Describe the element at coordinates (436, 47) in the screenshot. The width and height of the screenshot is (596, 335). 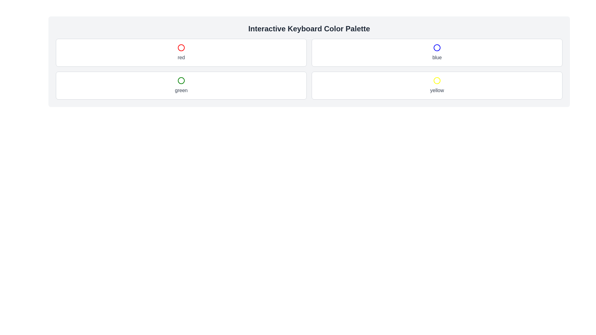
I see `the SVG icon depicting a colored circle in the top-right cell of a 2x2 grid layout, which represents the 'blue' category for visual information` at that location.